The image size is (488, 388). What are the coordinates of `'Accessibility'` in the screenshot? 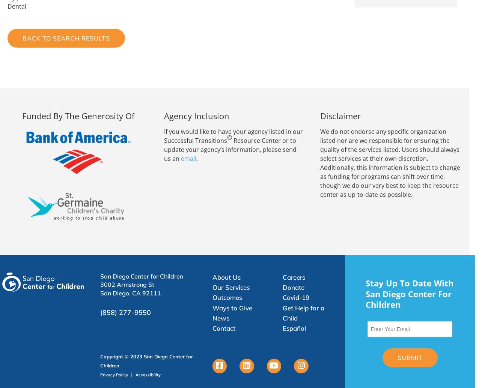 It's located at (148, 374).